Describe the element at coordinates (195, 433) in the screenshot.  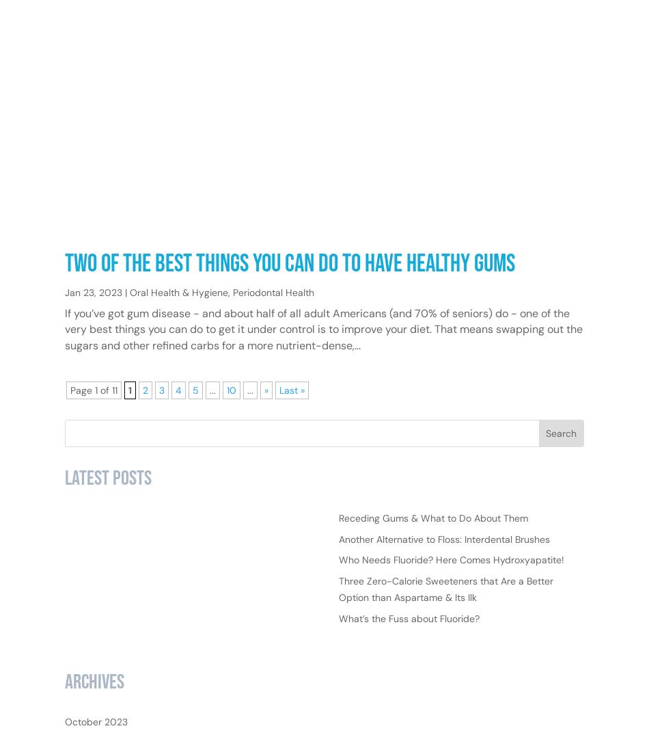
I see `'5'` at that location.